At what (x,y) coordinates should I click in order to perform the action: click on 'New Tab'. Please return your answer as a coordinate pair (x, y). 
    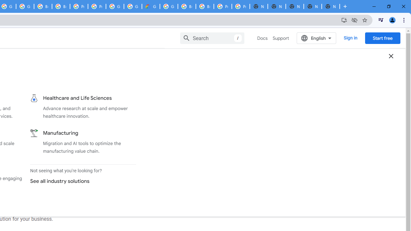
    Looking at the image, I should click on (331, 6).